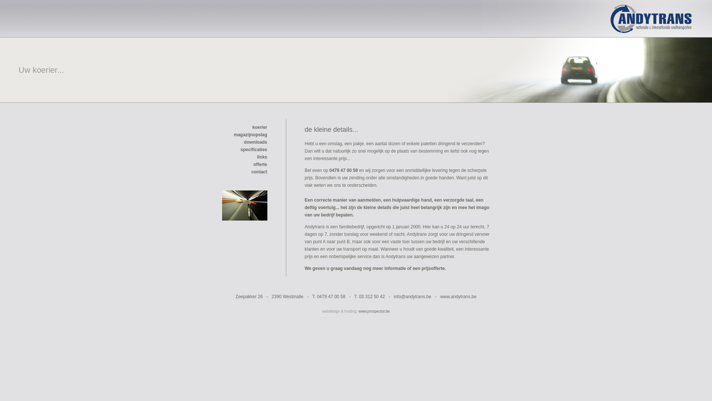  Describe the element at coordinates (259, 172) in the screenshot. I see `'contact'` at that location.